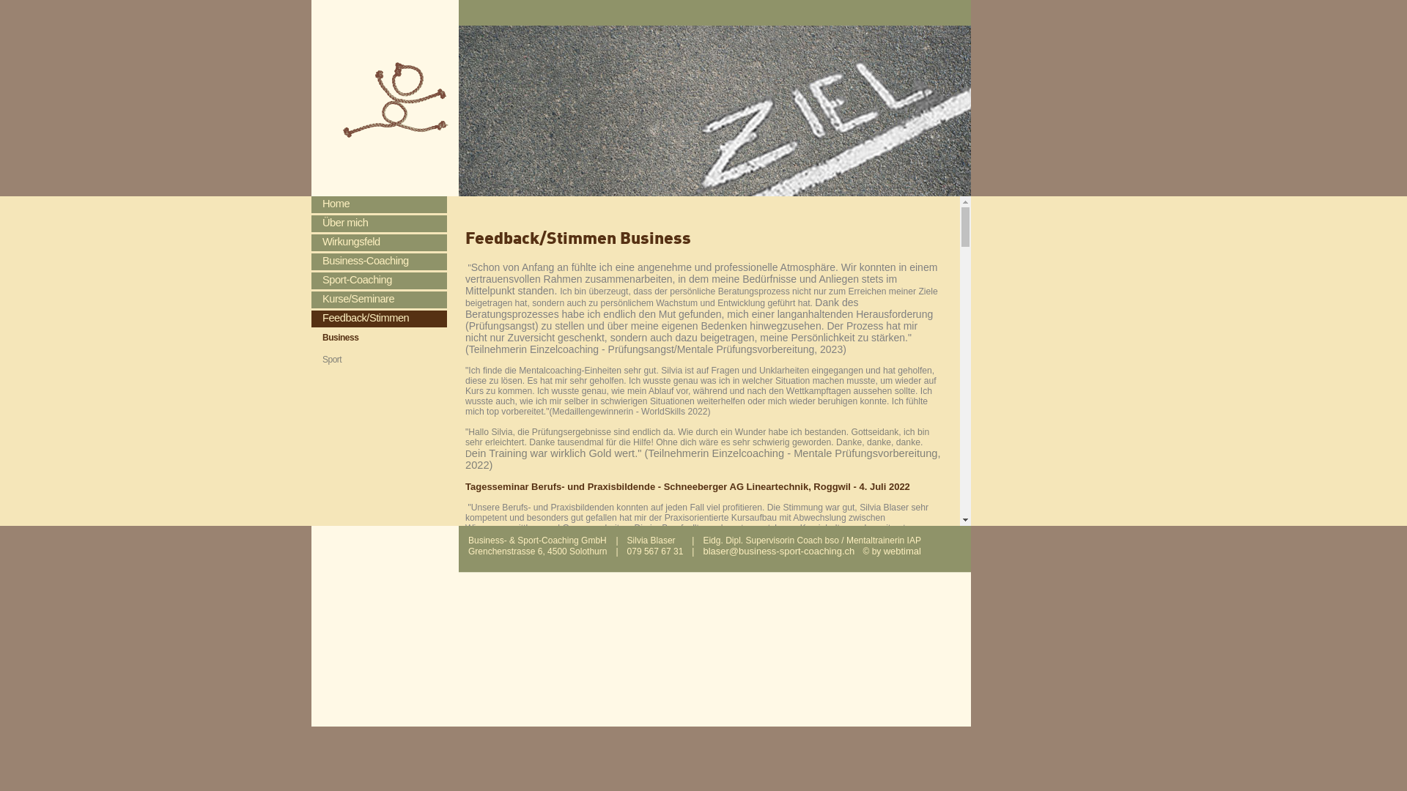 The width and height of the screenshot is (1407, 791). I want to click on 'webtimal', so click(901, 549).